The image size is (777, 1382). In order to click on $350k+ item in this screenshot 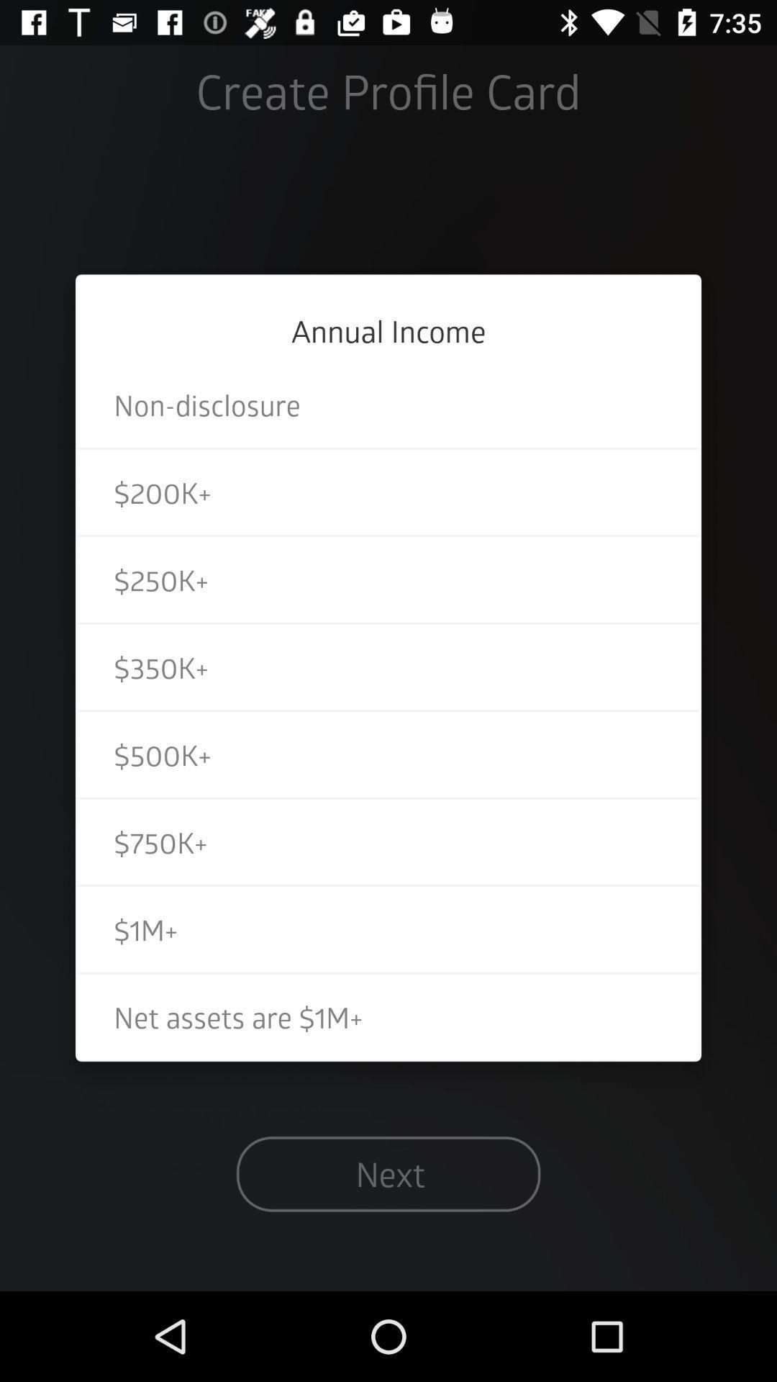, I will do `click(388, 666)`.